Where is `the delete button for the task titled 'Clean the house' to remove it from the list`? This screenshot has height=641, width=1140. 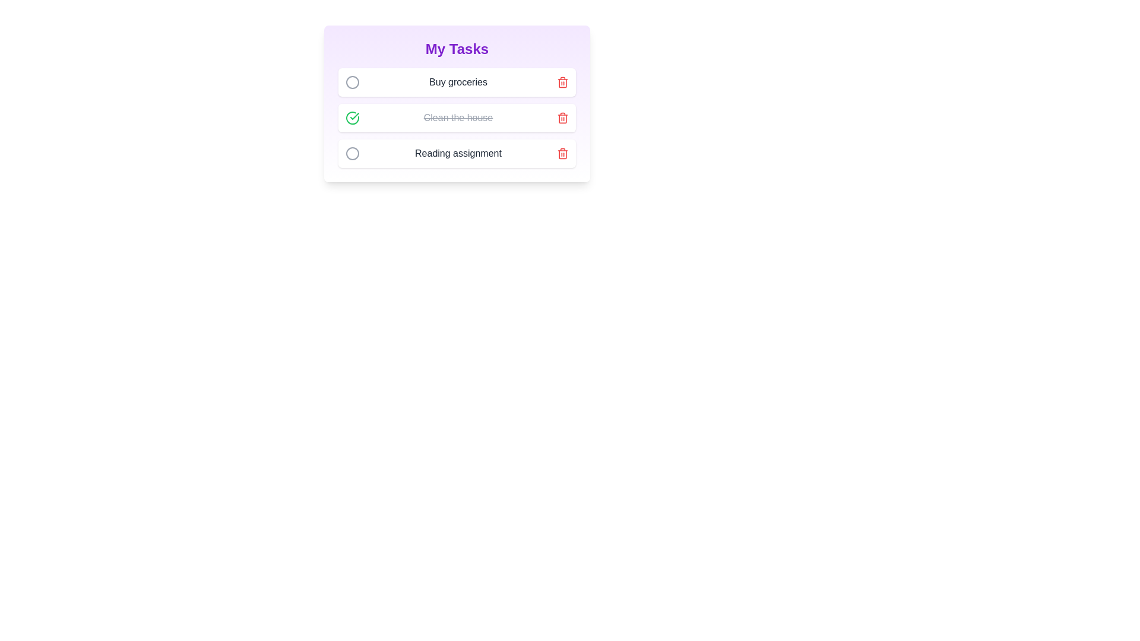
the delete button for the task titled 'Clean the house' to remove it from the list is located at coordinates (562, 118).